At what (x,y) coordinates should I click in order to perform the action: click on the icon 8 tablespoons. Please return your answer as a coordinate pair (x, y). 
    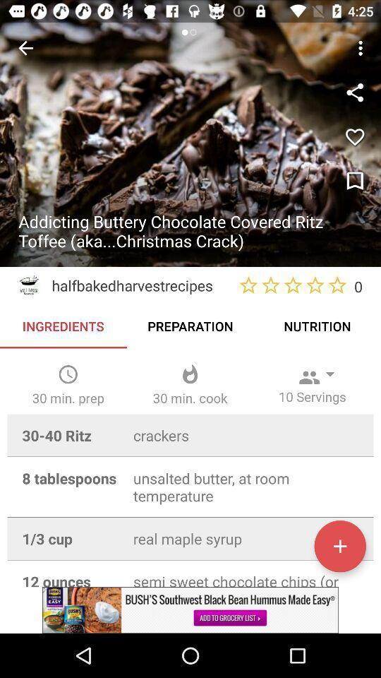
    Looking at the image, I should click on (70, 478).